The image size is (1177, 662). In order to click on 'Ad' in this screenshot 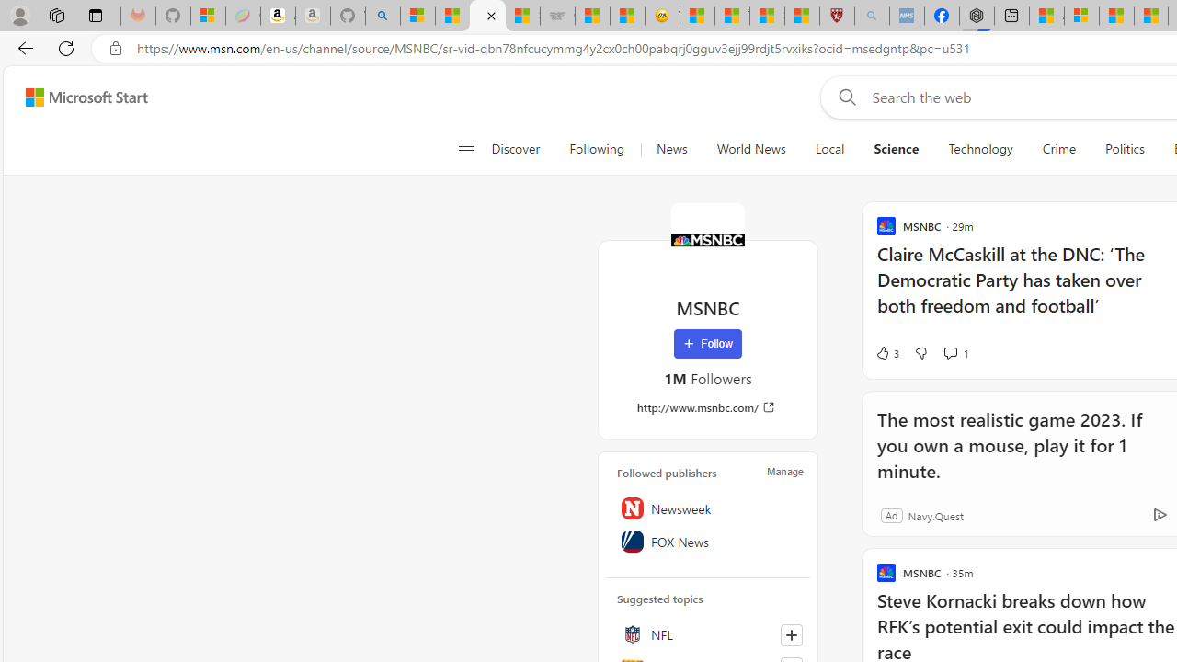, I will do `click(891, 515)`.